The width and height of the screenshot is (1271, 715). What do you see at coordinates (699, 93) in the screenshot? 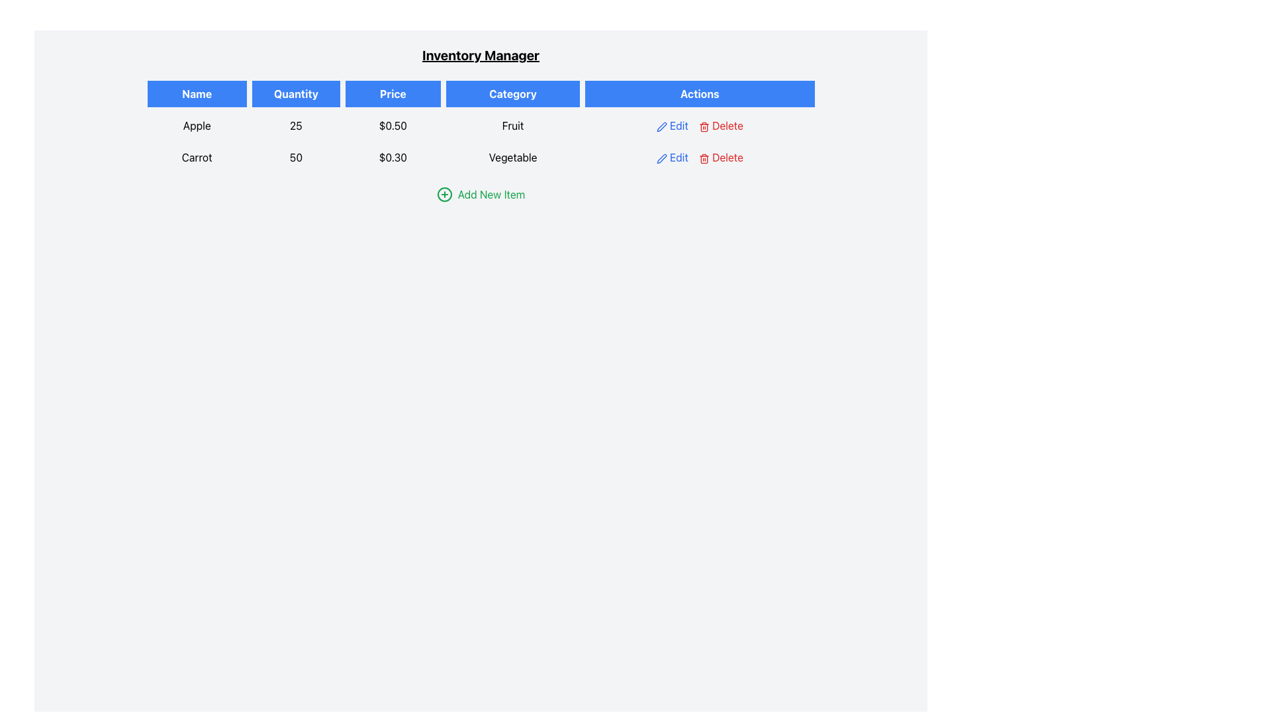
I see `the 'Actions' column header in the table, which indicates interactive elements for editing or deleting entries` at bounding box center [699, 93].